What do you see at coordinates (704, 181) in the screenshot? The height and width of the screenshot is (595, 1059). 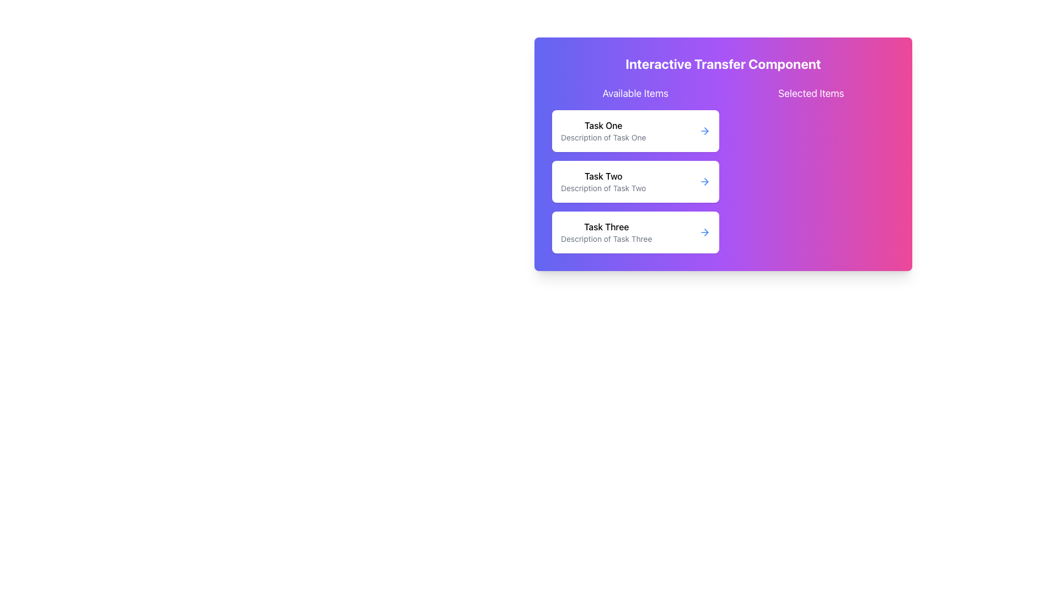 I see `the interactive control icon at the far-right end of the card for 'Task Two' to initiate an action` at bounding box center [704, 181].